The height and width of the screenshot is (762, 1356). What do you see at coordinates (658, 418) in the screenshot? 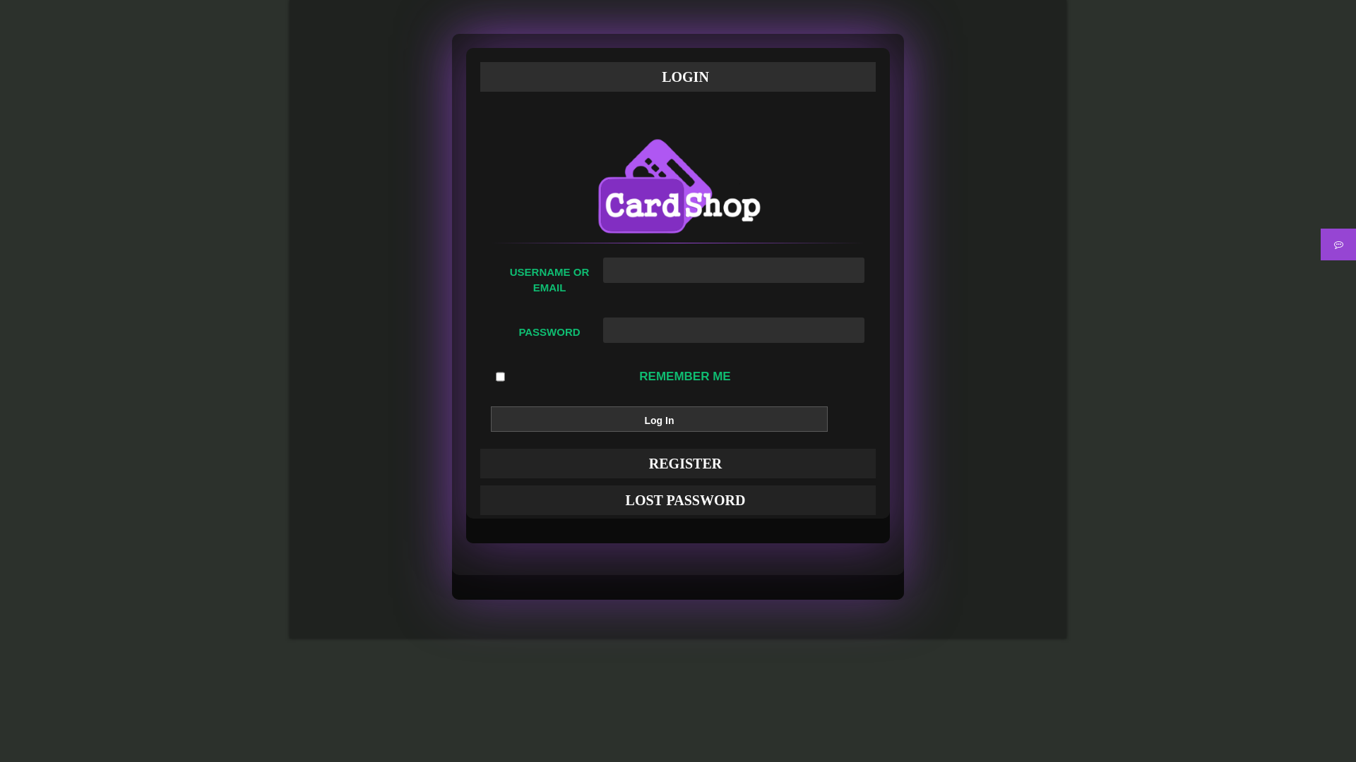
I see `'Log In'` at bounding box center [658, 418].